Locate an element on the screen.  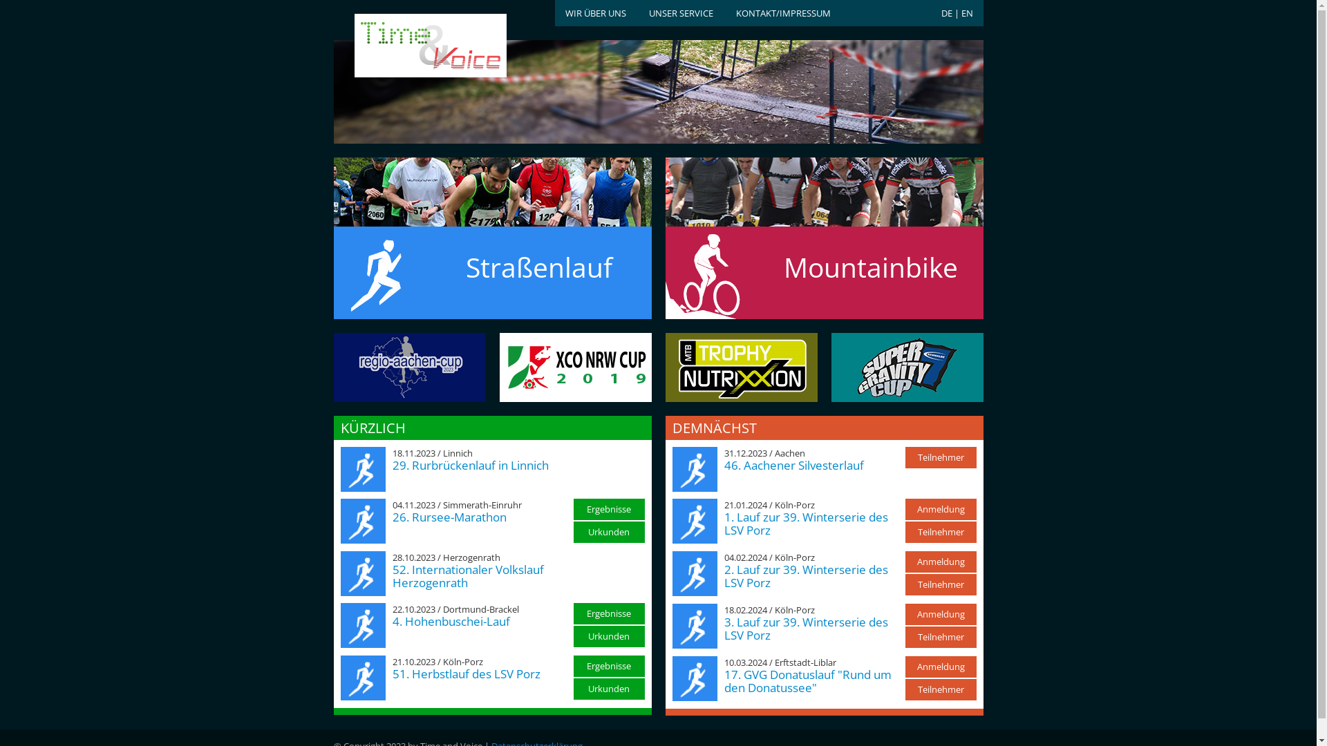
'2. Lauf zur 39. Winterserie des LSV Porz' is located at coordinates (723, 575).